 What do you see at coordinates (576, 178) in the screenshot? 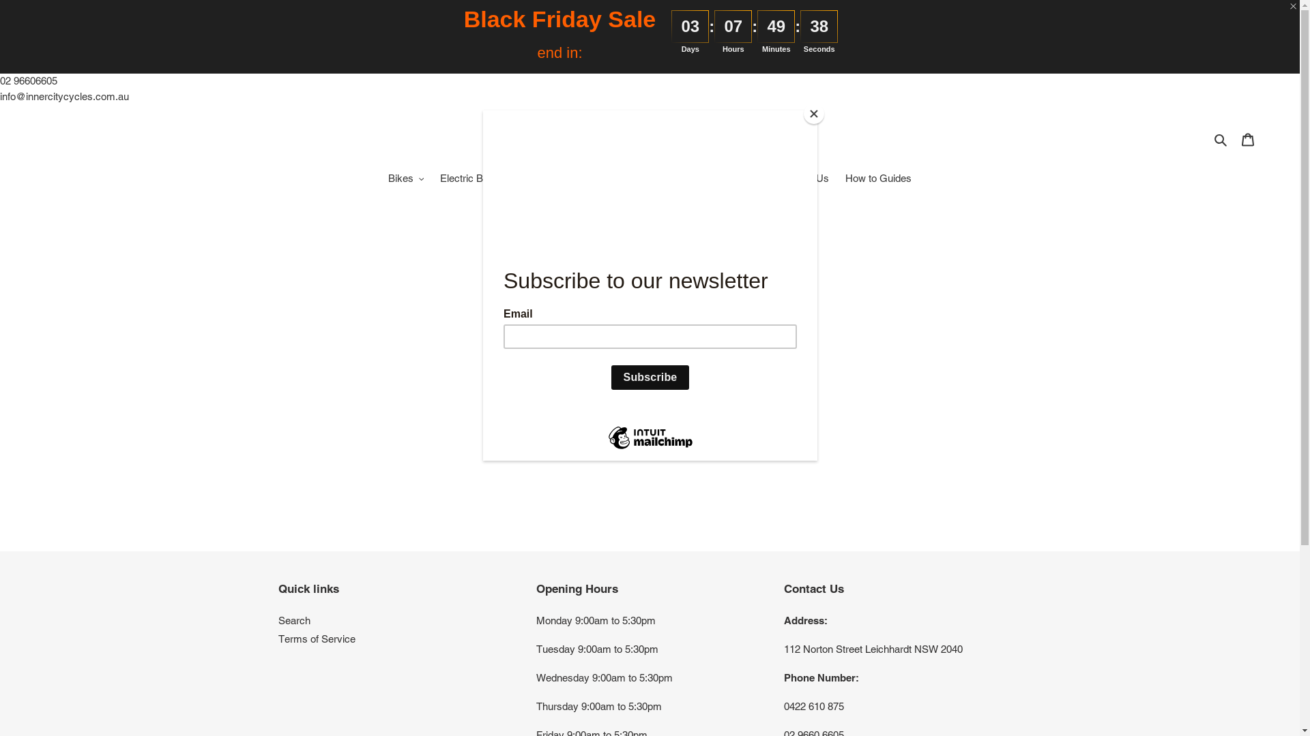
I see `'Accessories'` at bounding box center [576, 178].